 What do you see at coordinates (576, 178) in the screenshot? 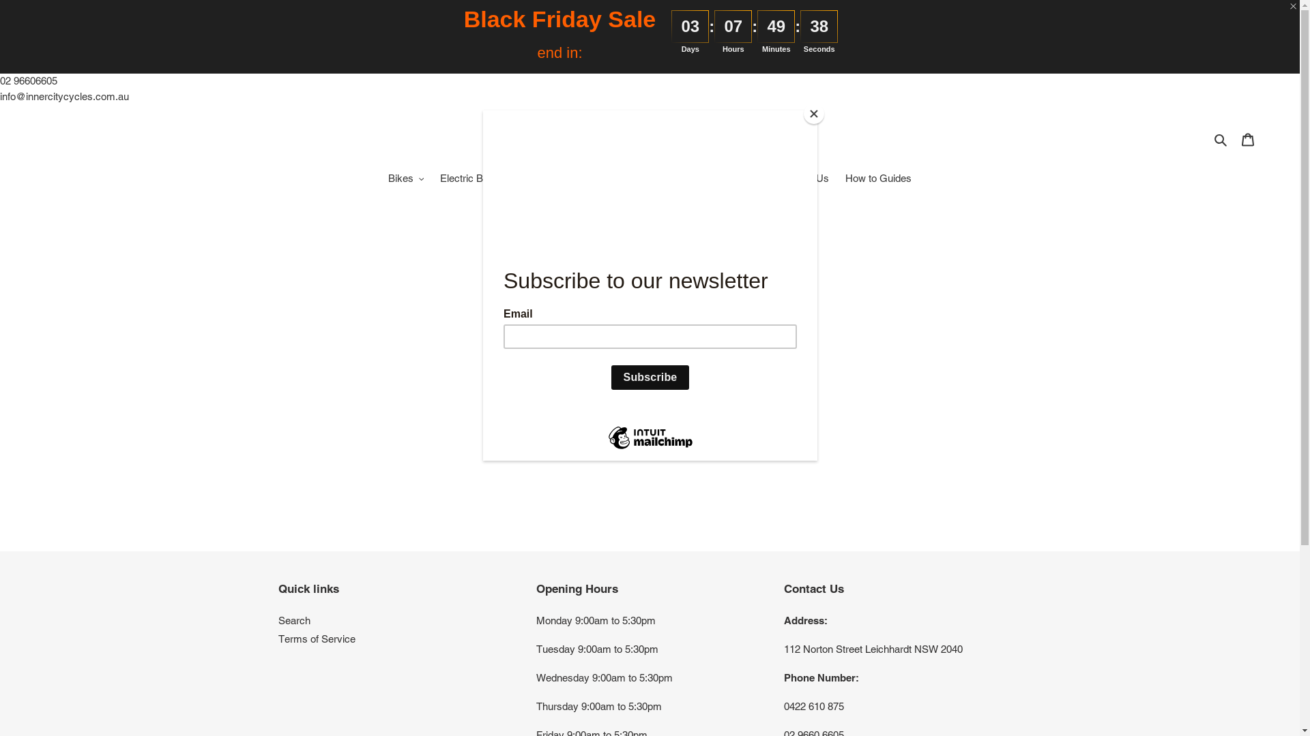
I see `'Accessories'` at bounding box center [576, 178].